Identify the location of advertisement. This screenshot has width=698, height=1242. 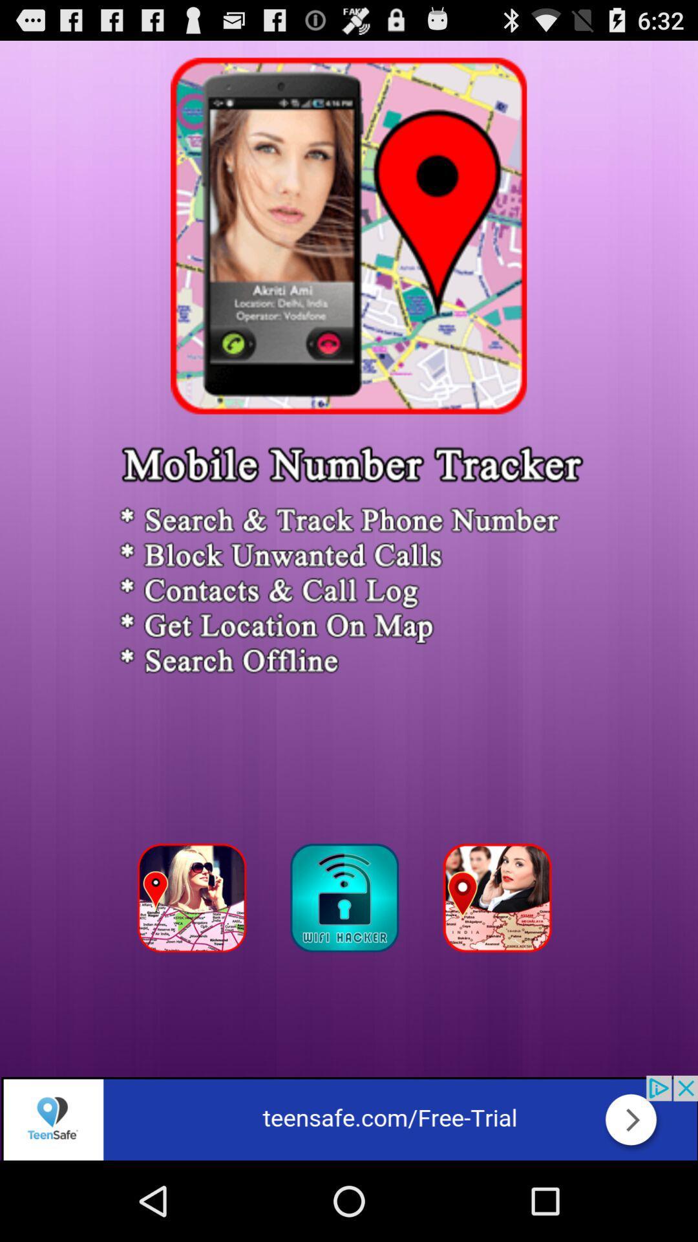
(349, 1117).